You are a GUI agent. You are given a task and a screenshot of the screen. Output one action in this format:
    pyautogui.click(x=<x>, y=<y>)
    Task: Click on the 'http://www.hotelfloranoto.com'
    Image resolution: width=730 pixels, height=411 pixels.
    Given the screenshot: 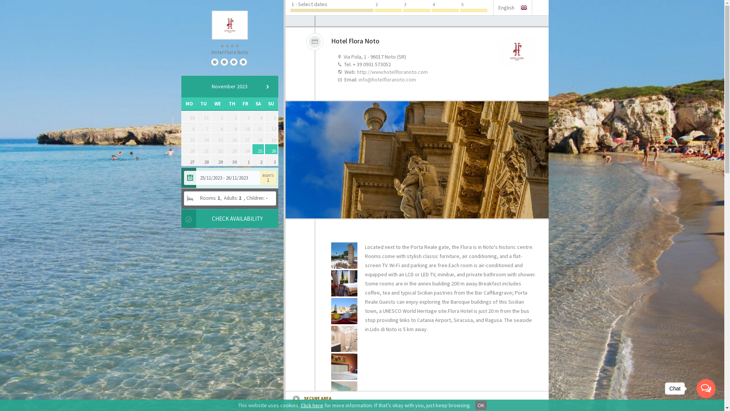 What is the action you would take?
    pyautogui.click(x=356, y=72)
    